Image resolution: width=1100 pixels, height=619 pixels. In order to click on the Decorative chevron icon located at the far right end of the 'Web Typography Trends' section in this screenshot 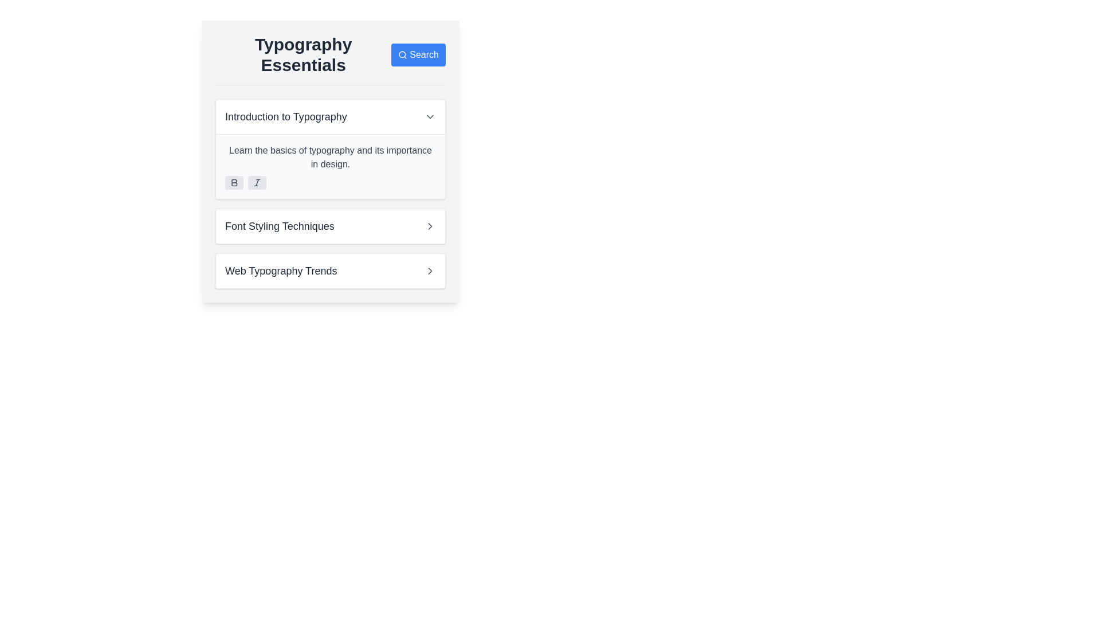, I will do `click(429, 271)`.